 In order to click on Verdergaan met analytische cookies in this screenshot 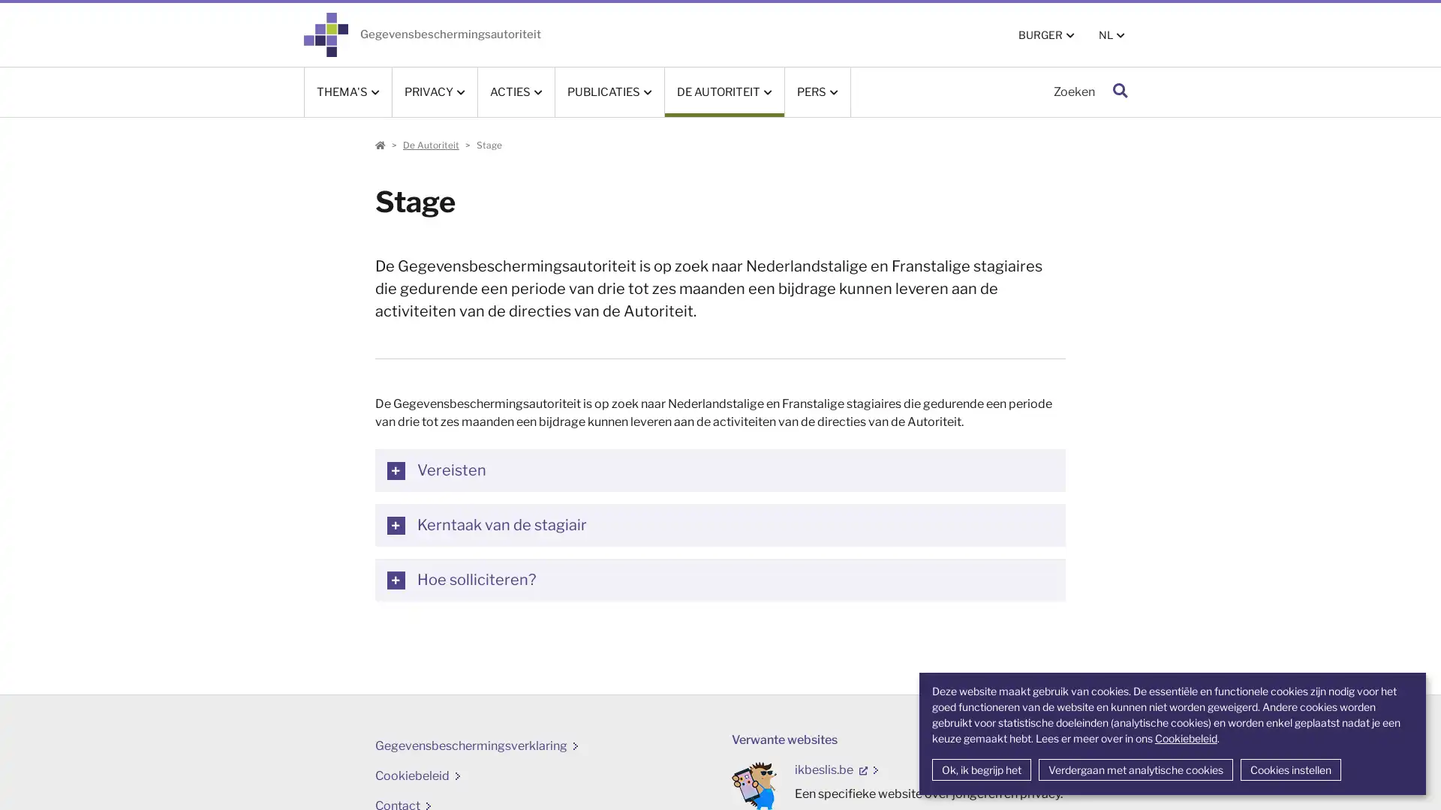, I will do `click(1135, 769)`.